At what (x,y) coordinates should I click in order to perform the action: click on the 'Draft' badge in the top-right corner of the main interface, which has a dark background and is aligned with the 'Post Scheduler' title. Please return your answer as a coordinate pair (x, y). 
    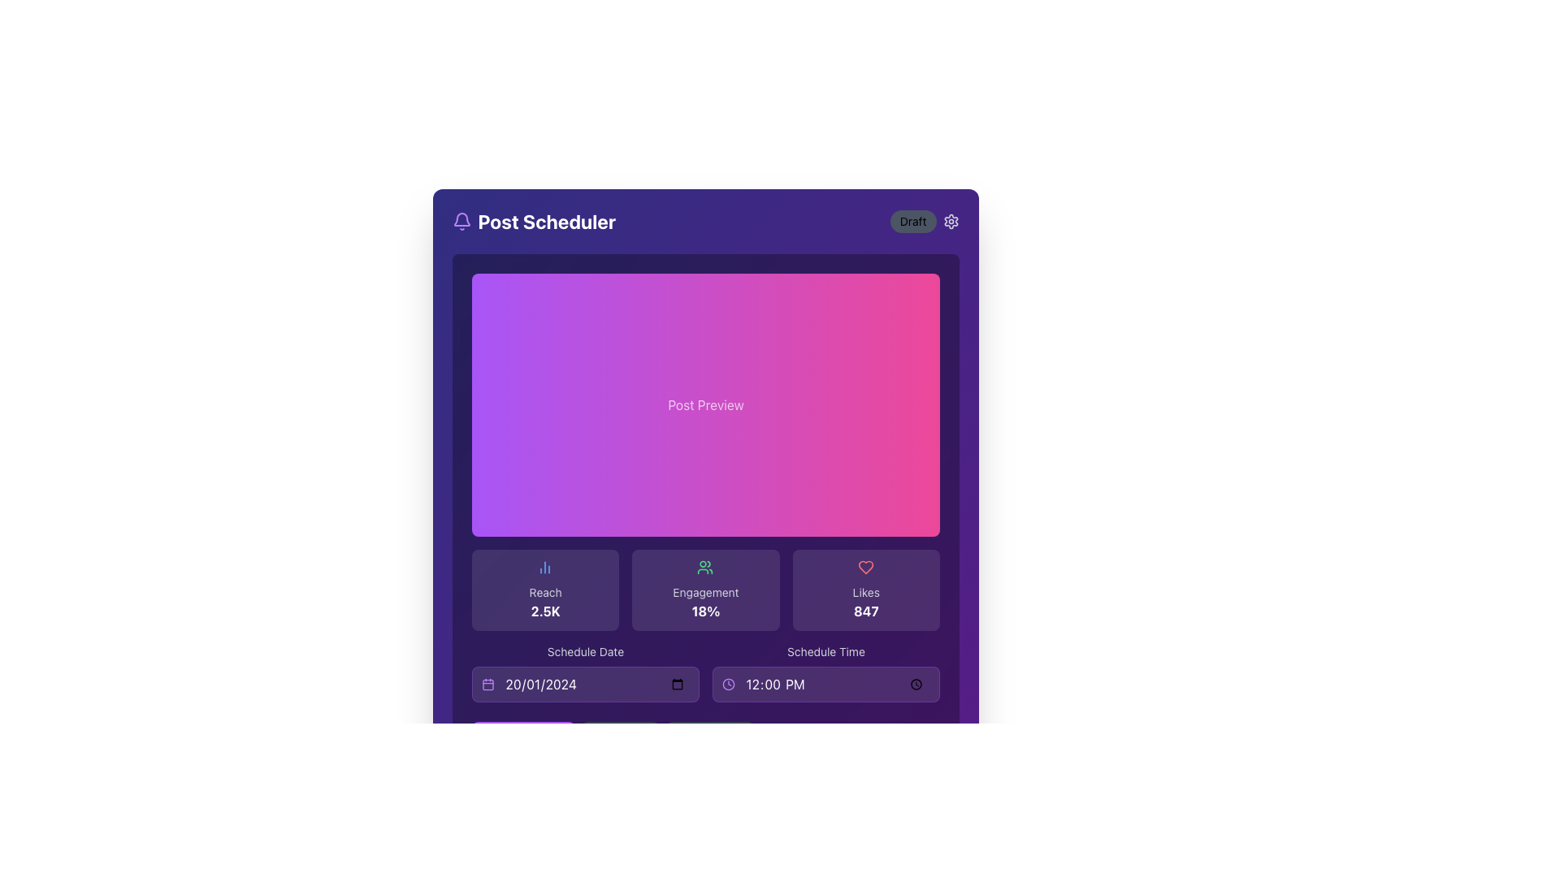
    Looking at the image, I should click on (925, 222).